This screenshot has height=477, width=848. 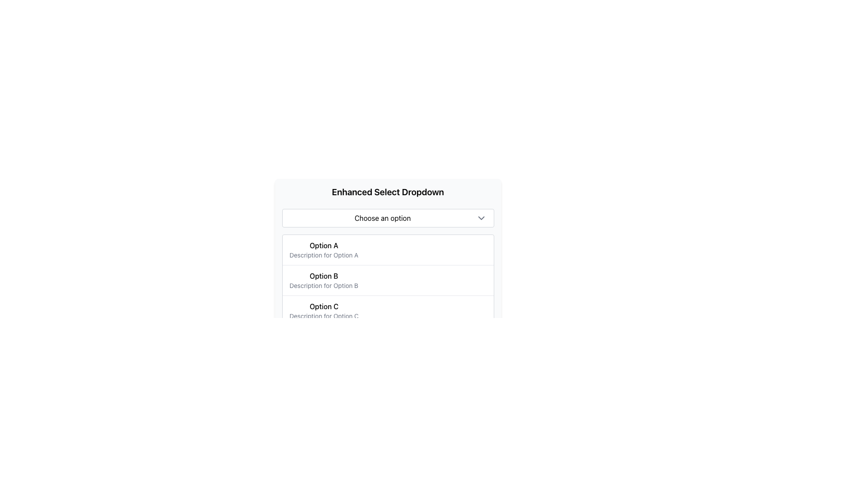 What do you see at coordinates (388, 280) in the screenshot?
I see `the options in the dropdown menu component located in the lower central part of the modal, below the 'Choose an option' button` at bounding box center [388, 280].